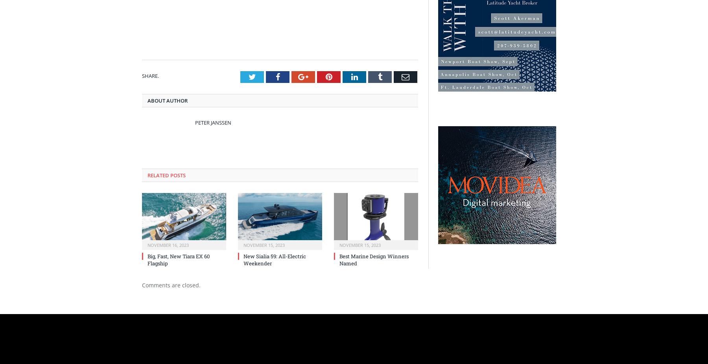 Image resolution: width=708 pixels, height=364 pixels. What do you see at coordinates (168, 101) in the screenshot?
I see `'About Author'` at bounding box center [168, 101].